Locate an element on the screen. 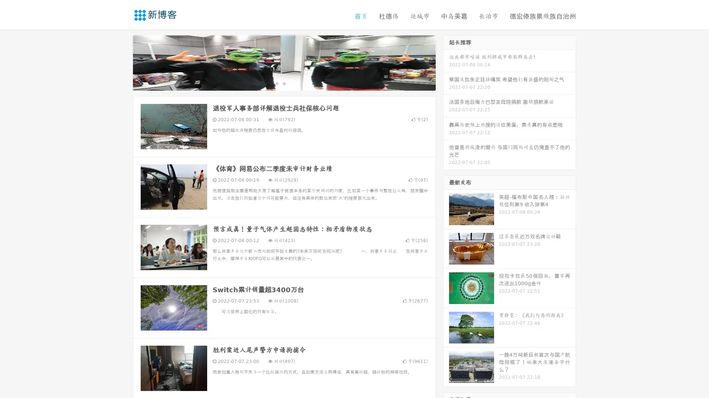 The image size is (709, 398). Go to slide 2 is located at coordinates (284, 83).